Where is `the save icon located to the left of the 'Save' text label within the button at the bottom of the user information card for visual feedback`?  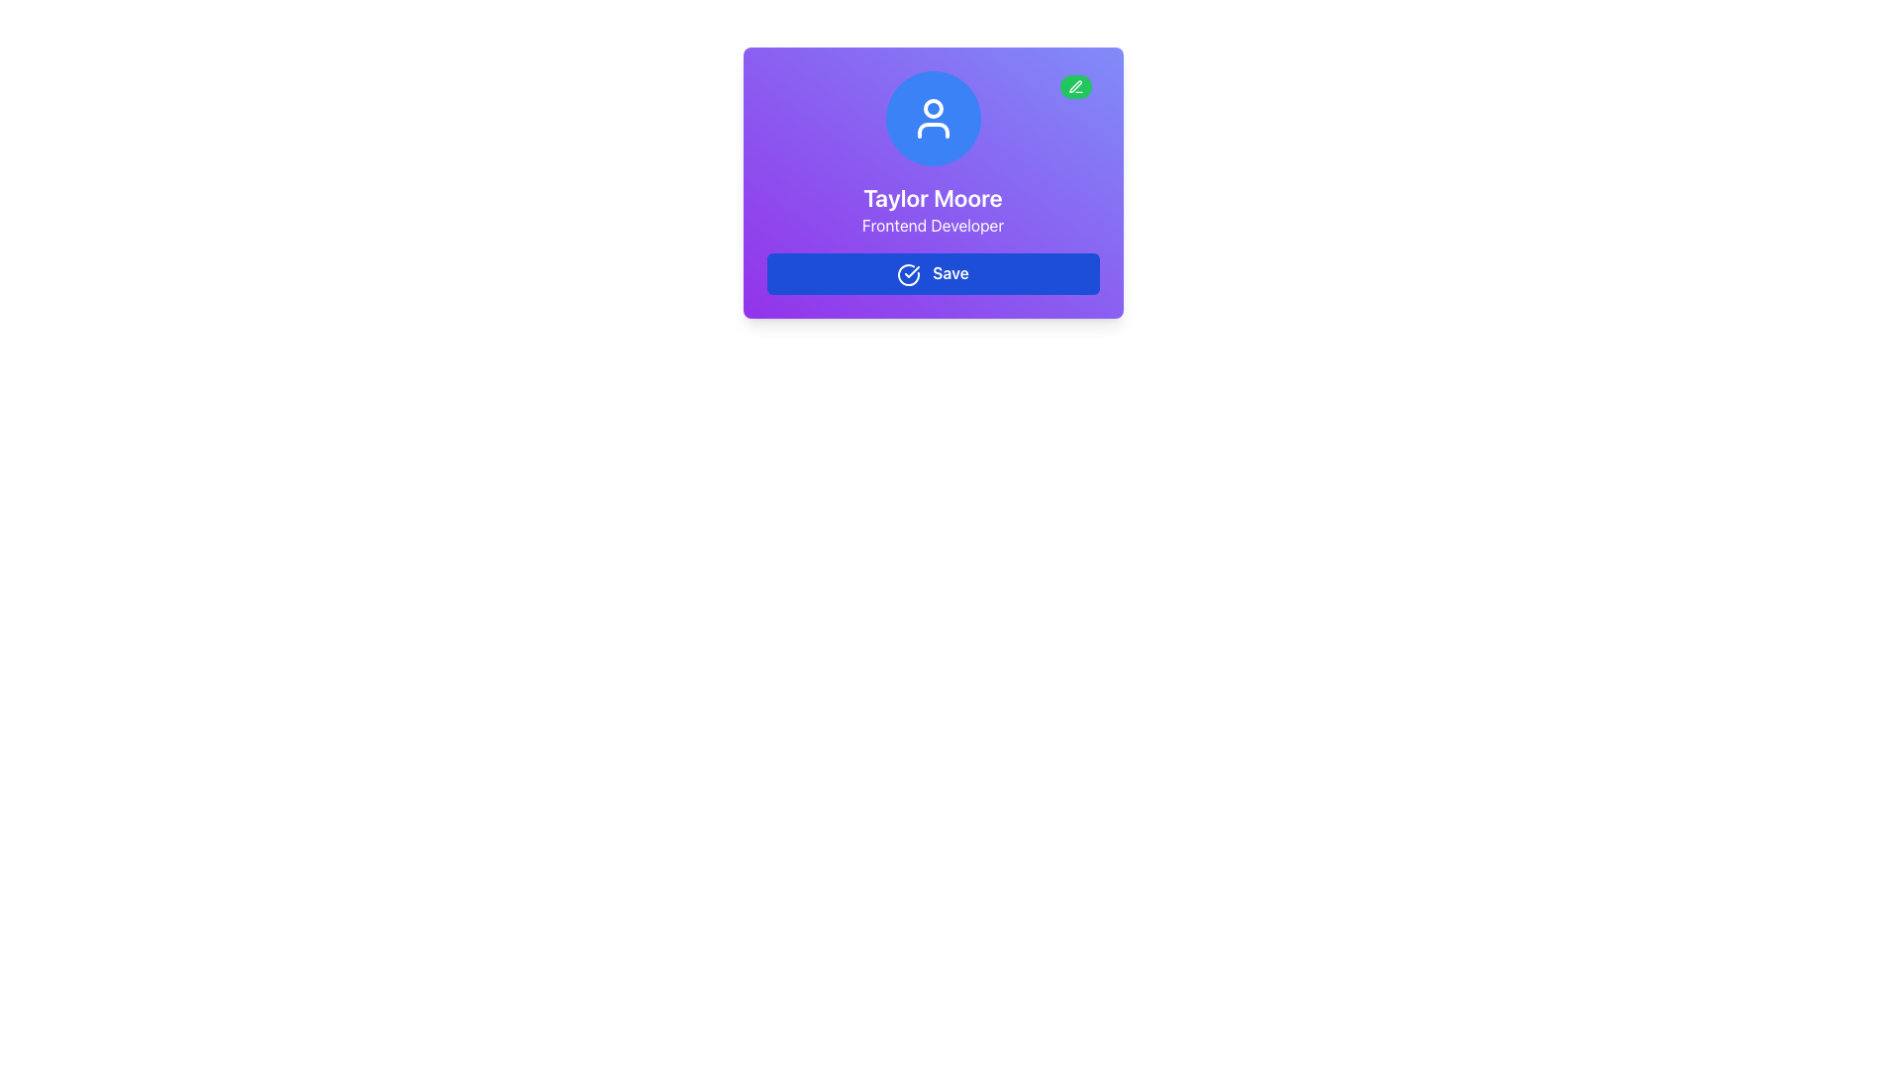 the save icon located to the left of the 'Save' text label within the button at the bottom of the user information card for visual feedback is located at coordinates (908, 274).